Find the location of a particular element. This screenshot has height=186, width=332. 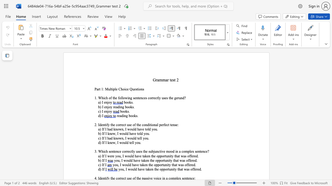

the space between the continuous character "d" and ")" in the text is located at coordinates (100, 169).